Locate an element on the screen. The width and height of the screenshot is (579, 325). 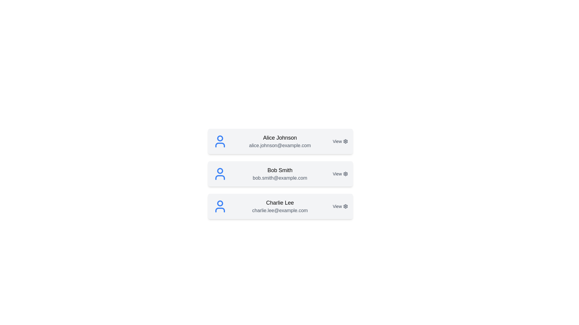
the Text block displaying the user's name and contact information, which is located in the top card of a vertically stacked list of cards, positioned to the right of a person icon and to the left of a 'View' button is located at coordinates (280, 141).